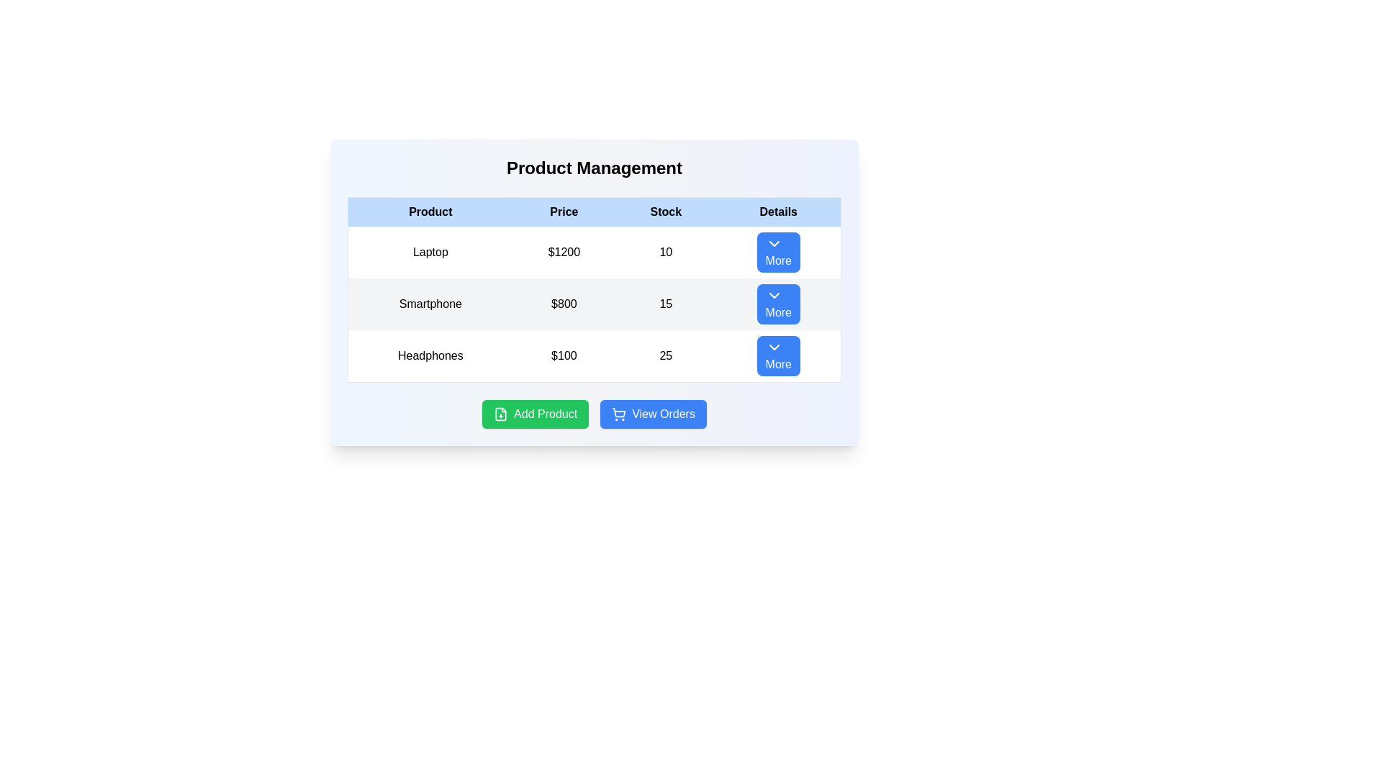 This screenshot has width=1382, height=777. Describe the element at coordinates (563, 252) in the screenshot. I see `the text label displaying '$1200' in the 'Price' column for the 'Laptop' row` at that location.